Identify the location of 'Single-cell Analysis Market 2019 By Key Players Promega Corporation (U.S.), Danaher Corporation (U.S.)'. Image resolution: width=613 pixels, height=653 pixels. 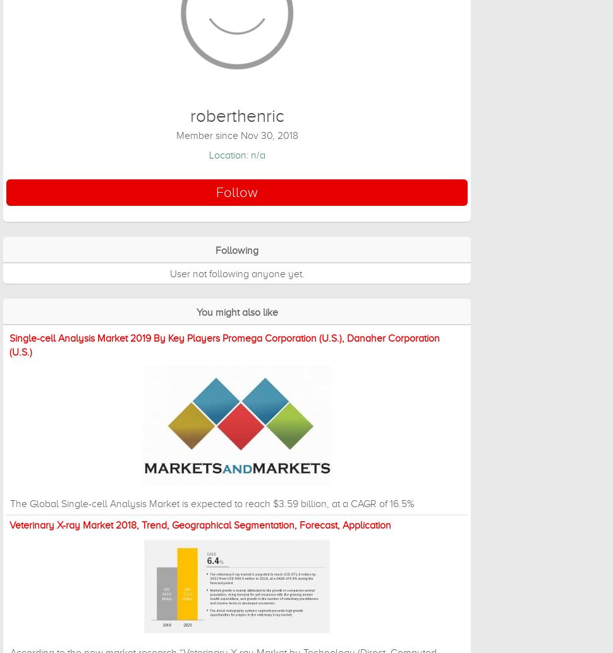
(224, 345).